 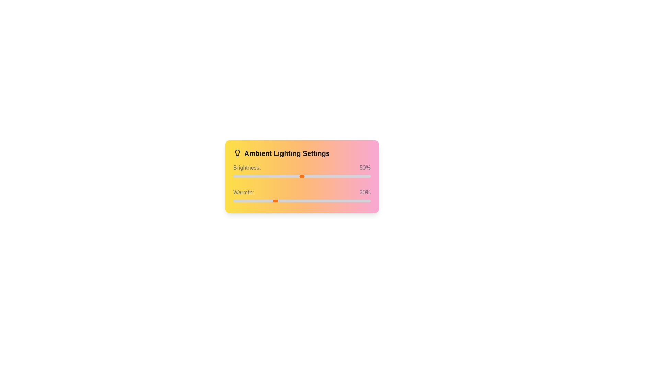 What do you see at coordinates (298, 176) in the screenshot?
I see `the brightness slider to 47%` at bounding box center [298, 176].